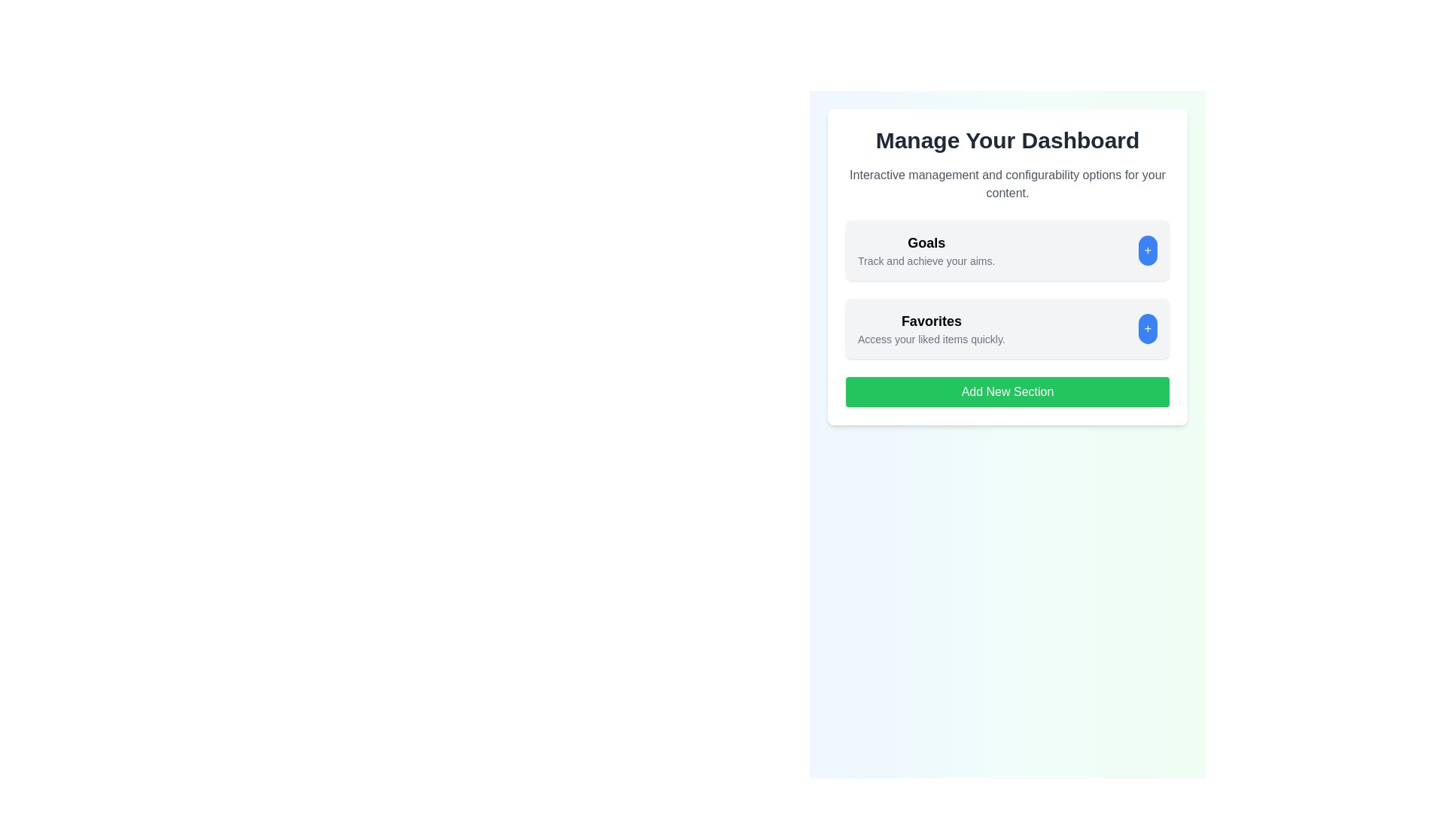 This screenshot has width=1445, height=813. I want to click on the text label styled with a small font size and gray color, which reads 'Track and achieve your aims.' located beneath the heading 'Goals', so click(926, 260).